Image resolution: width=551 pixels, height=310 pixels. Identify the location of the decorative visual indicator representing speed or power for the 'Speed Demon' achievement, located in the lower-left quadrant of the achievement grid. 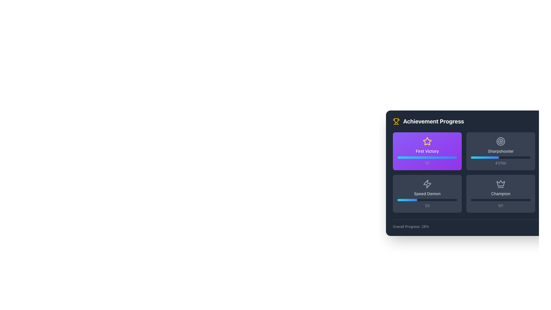
(427, 184).